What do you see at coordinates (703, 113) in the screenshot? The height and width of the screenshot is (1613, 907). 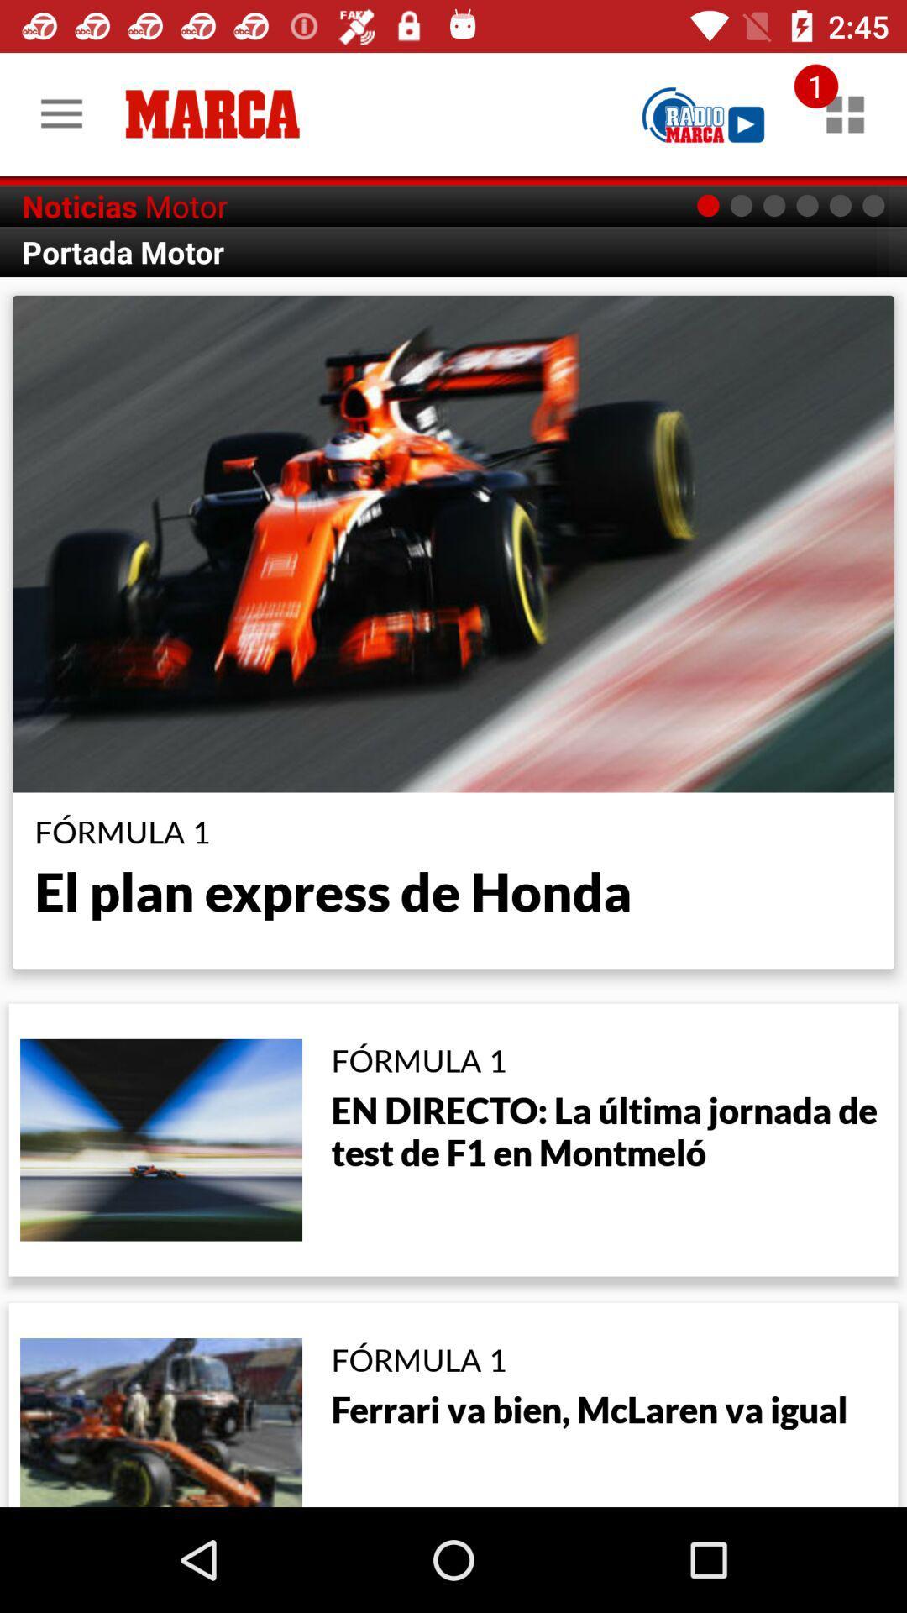 I see `video` at bounding box center [703, 113].